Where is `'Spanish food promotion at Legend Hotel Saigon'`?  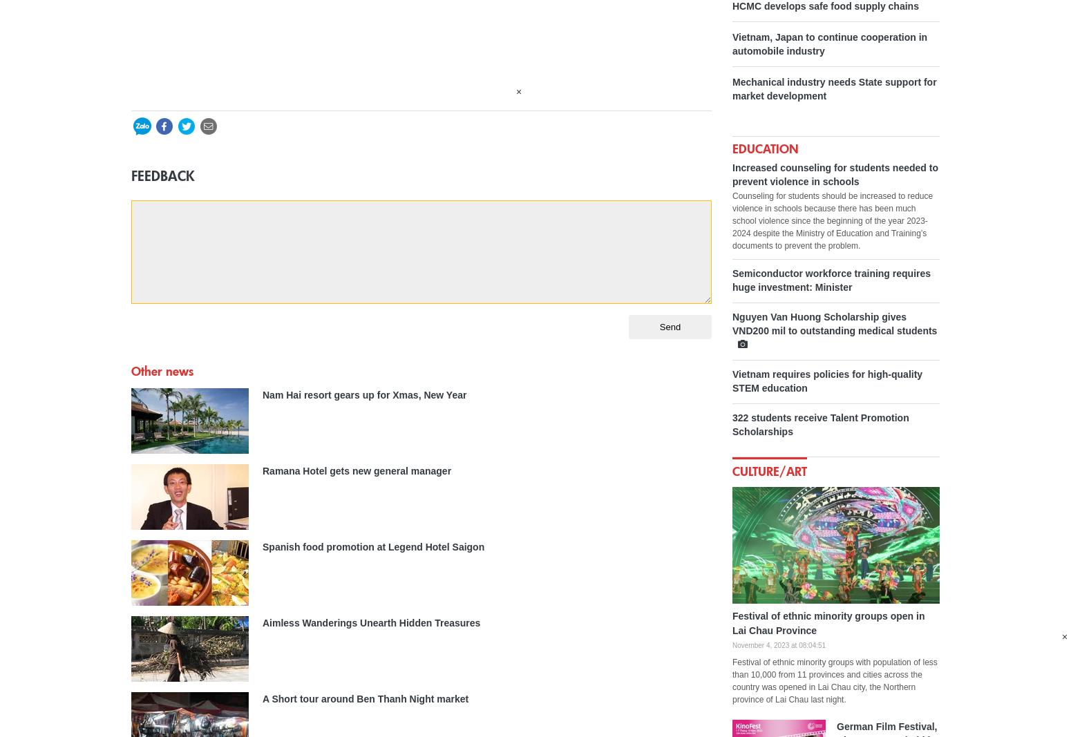
'Spanish food promotion at Legend Hotel Saigon' is located at coordinates (372, 546).